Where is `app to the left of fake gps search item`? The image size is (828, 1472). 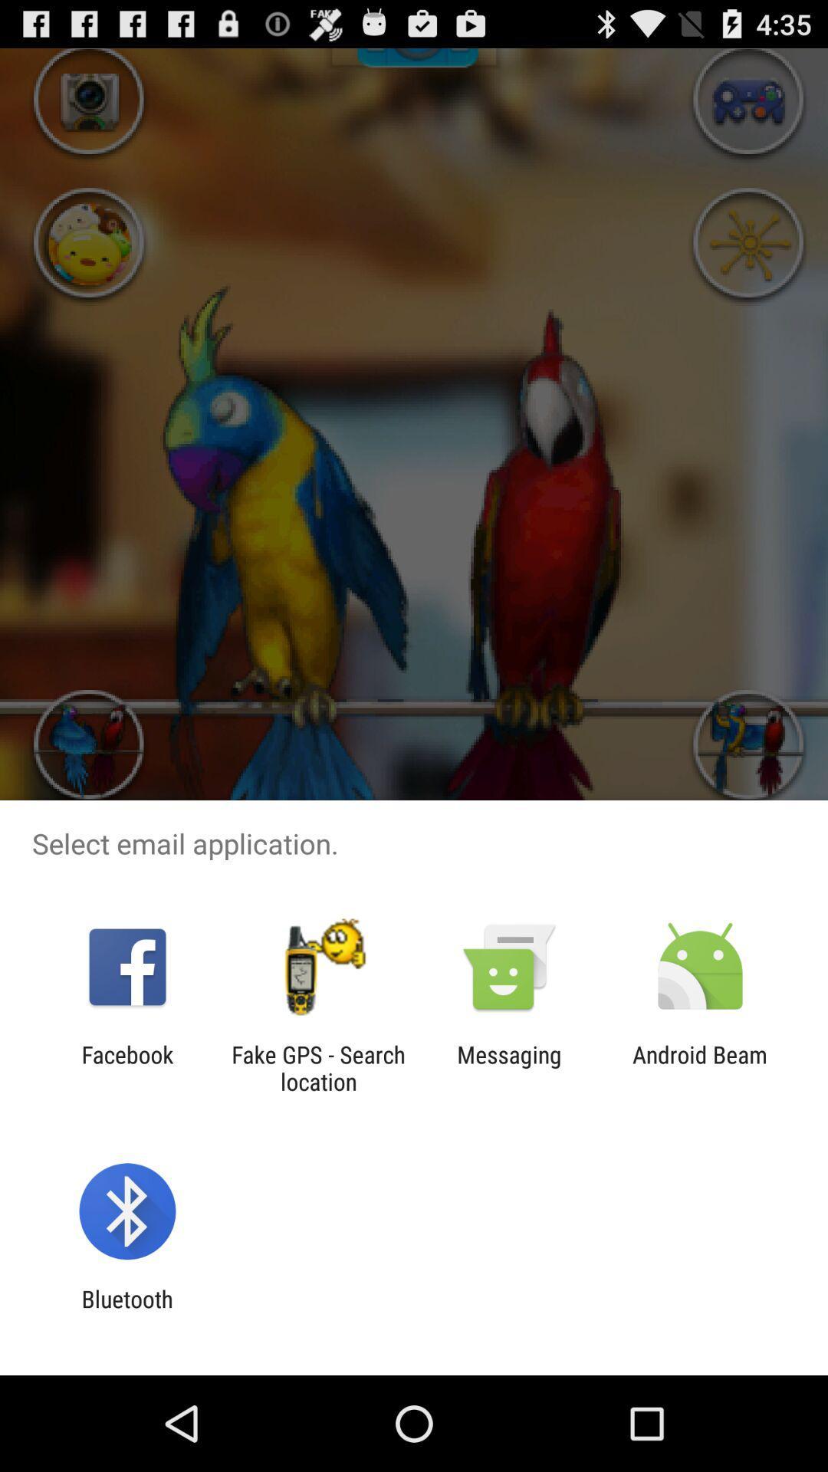
app to the left of fake gps search item is located at coordinates (127, 1067).